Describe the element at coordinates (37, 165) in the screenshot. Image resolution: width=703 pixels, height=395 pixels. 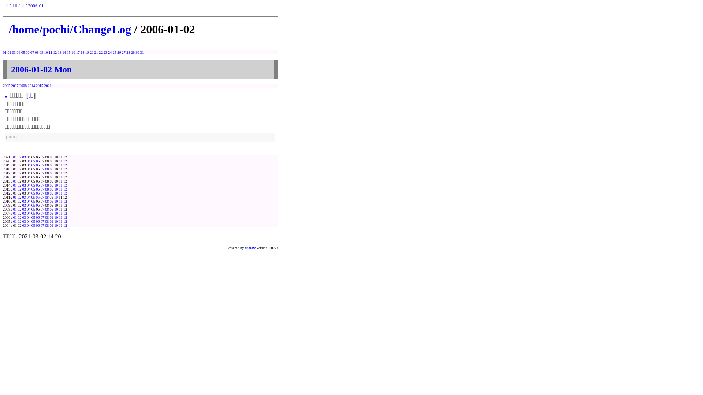
I see `'06'` at that location.